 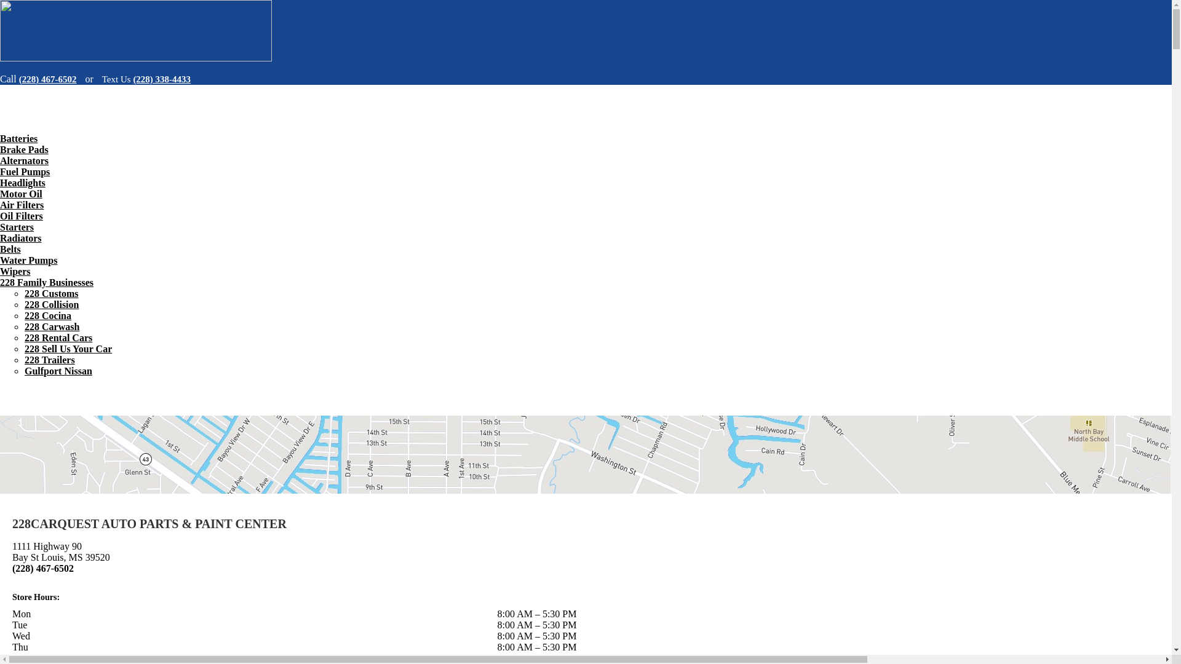 What do you see at coordinates (25, 172) in the screenshot?
I see `'Fuel Pumps'` at bounding box center [25, 172].